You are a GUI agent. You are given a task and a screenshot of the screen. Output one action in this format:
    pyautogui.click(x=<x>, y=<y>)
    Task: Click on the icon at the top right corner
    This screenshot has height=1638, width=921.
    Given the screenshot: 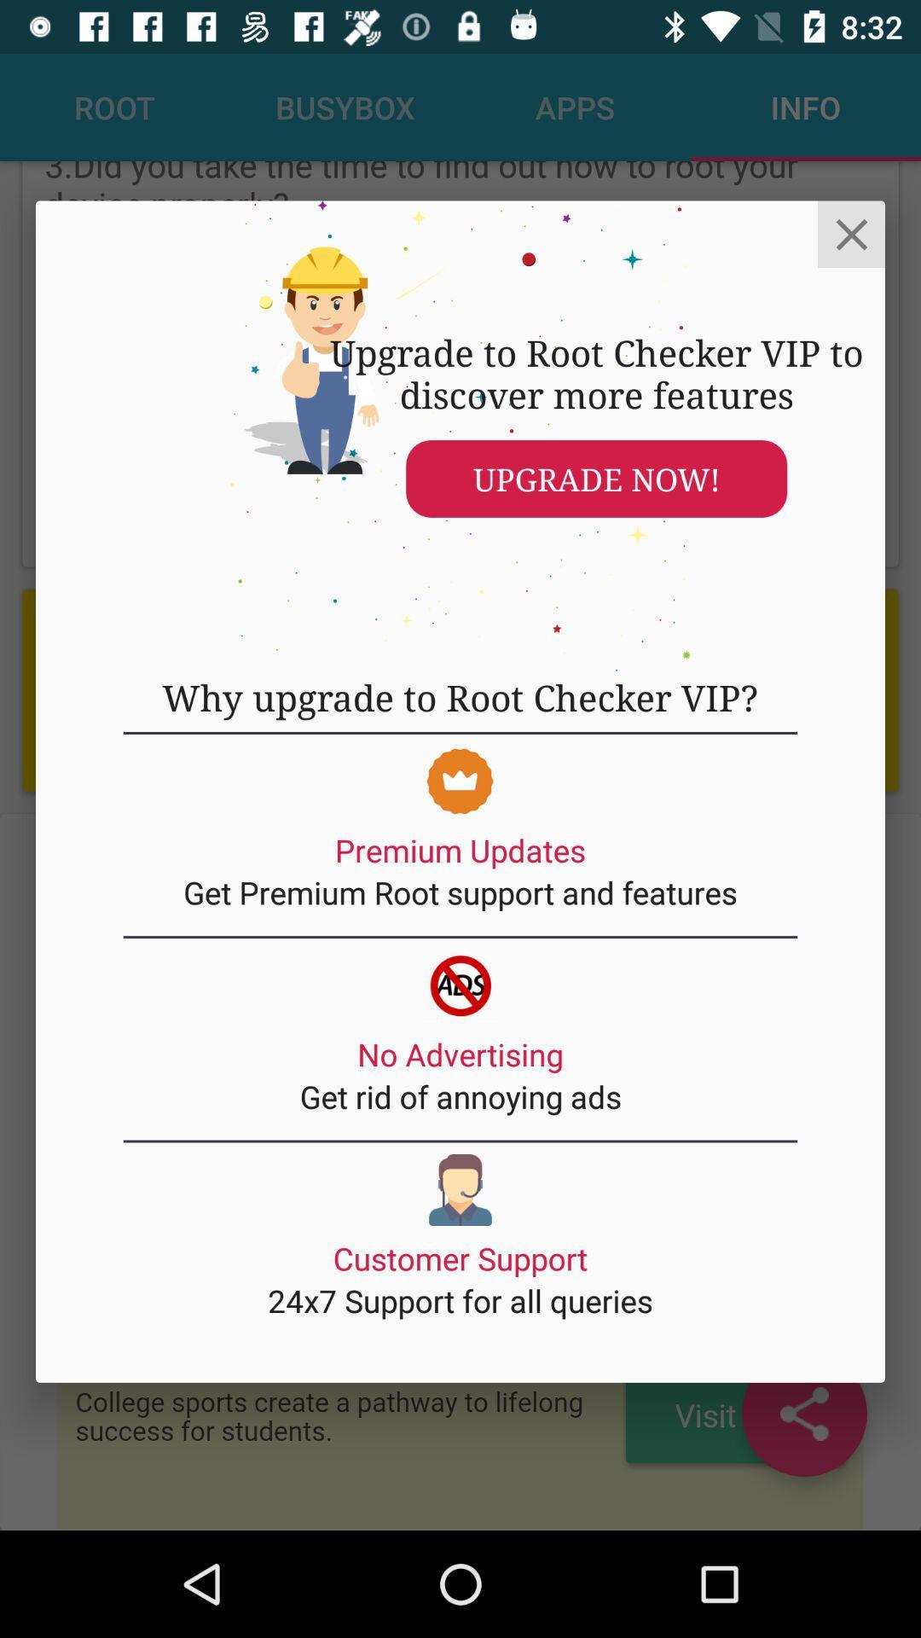 What is the action you would take?
    pyautogui.click(x=851, y=233)
    